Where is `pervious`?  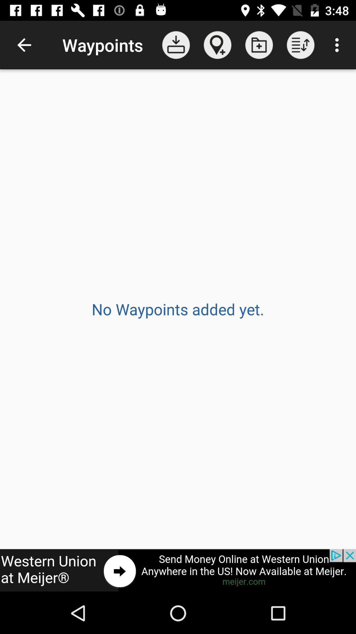 pervious is located at coordinates (178, 570).